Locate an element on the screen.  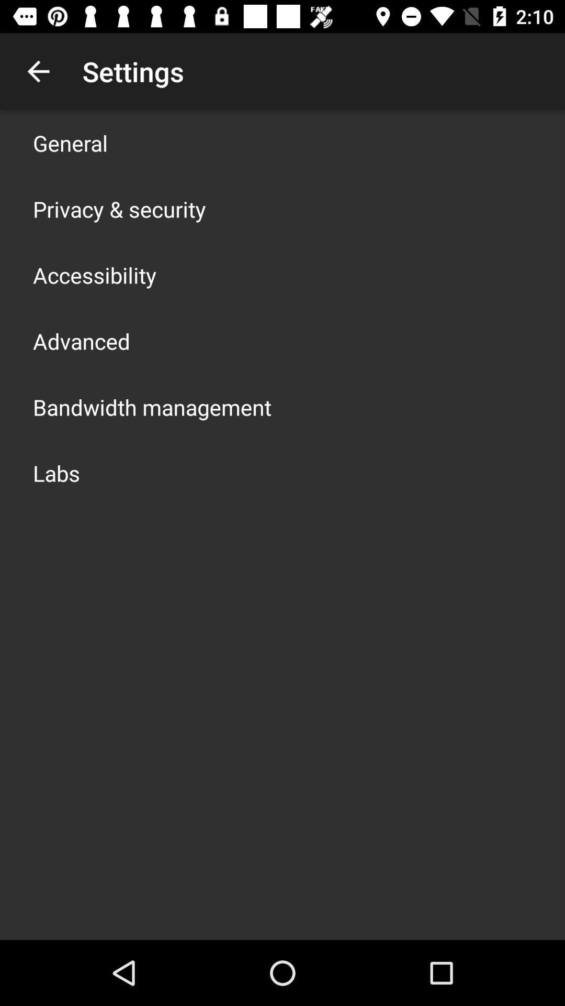
item above the accessibility app is located at coordinates (119, 209).